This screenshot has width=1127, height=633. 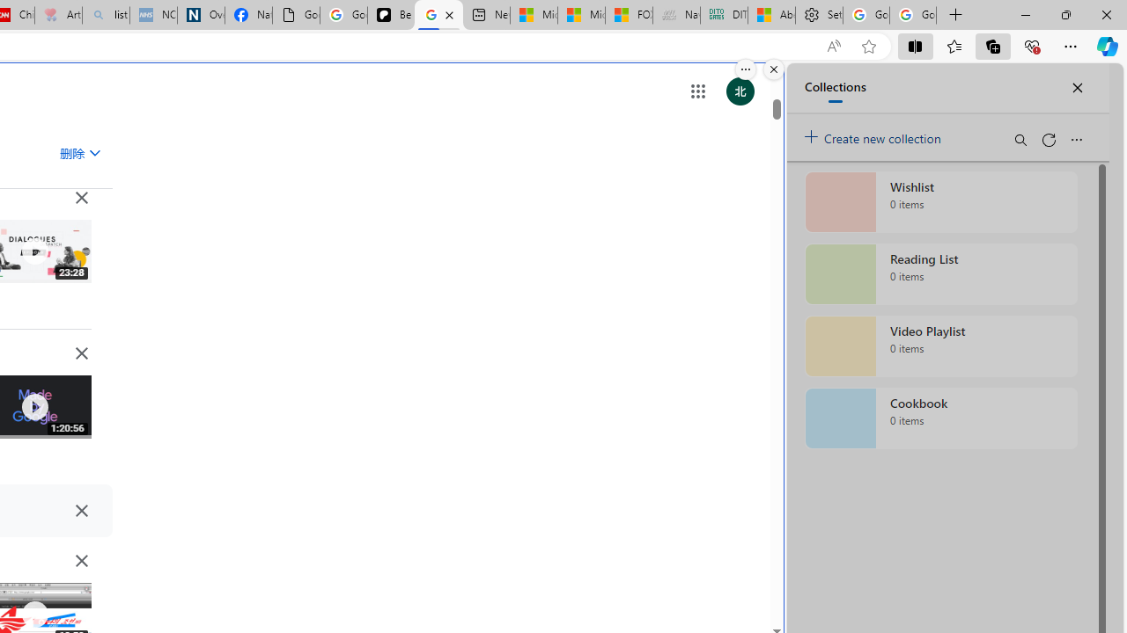 What do you see at coordinates (80, 560) in the screenshot?
I see `'Class: TjcpUd NMm5M'` at bounding box center [80, 560].